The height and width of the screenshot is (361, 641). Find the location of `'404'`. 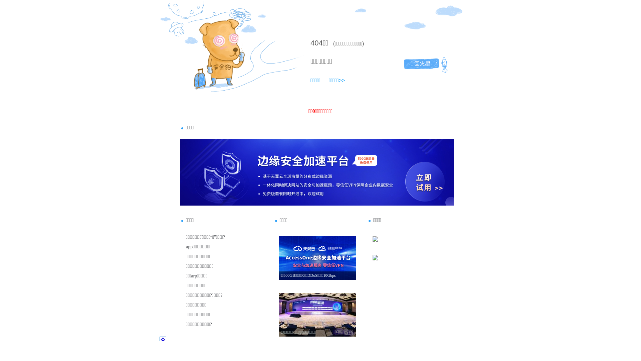

'404' is located at coordinates (316, 43).